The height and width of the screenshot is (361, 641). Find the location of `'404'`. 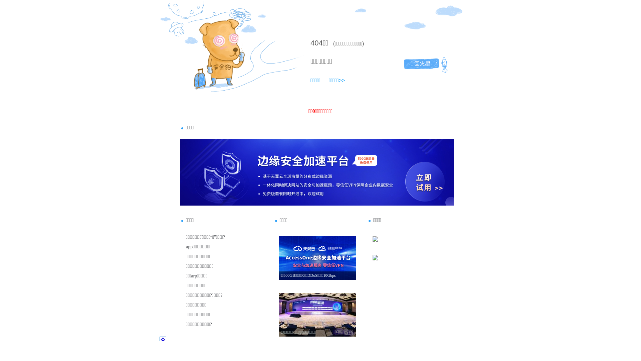

'404' is located at coordinates (316, 43).